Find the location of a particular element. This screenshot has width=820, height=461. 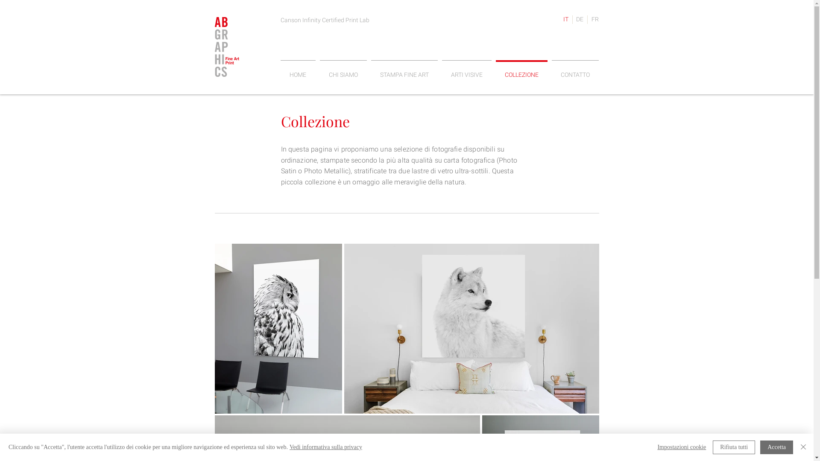

'Rifiuta tutti' is located at coordinates (713, 447).